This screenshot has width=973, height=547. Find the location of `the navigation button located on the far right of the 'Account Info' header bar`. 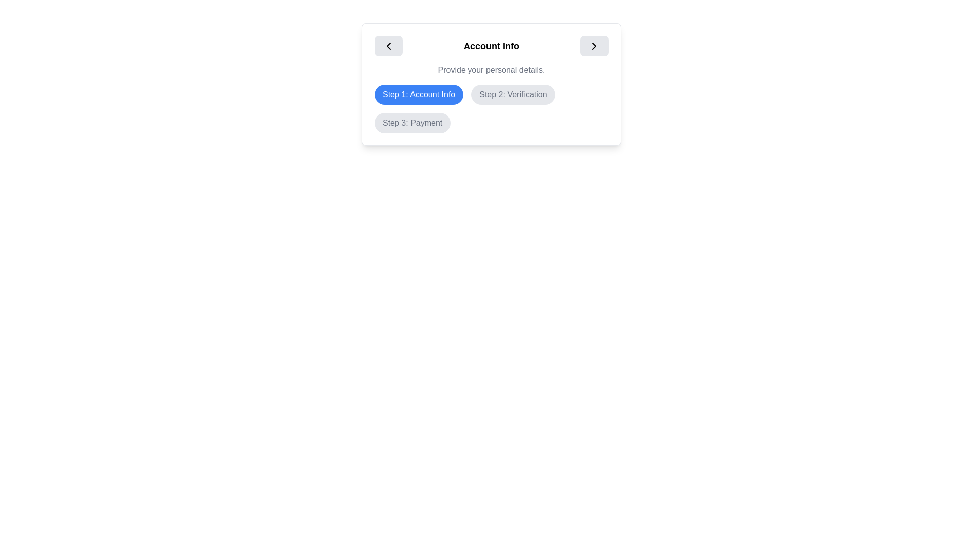

the navigation button located on the far right of the 'Account Info' header bar is located at coordinates (594, 46).